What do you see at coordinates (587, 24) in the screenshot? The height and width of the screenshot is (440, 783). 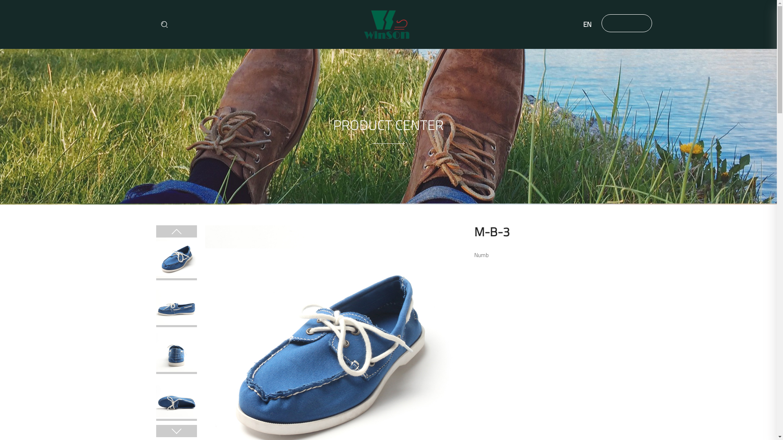 I see `'EN'` at bounding box center [587, 24].